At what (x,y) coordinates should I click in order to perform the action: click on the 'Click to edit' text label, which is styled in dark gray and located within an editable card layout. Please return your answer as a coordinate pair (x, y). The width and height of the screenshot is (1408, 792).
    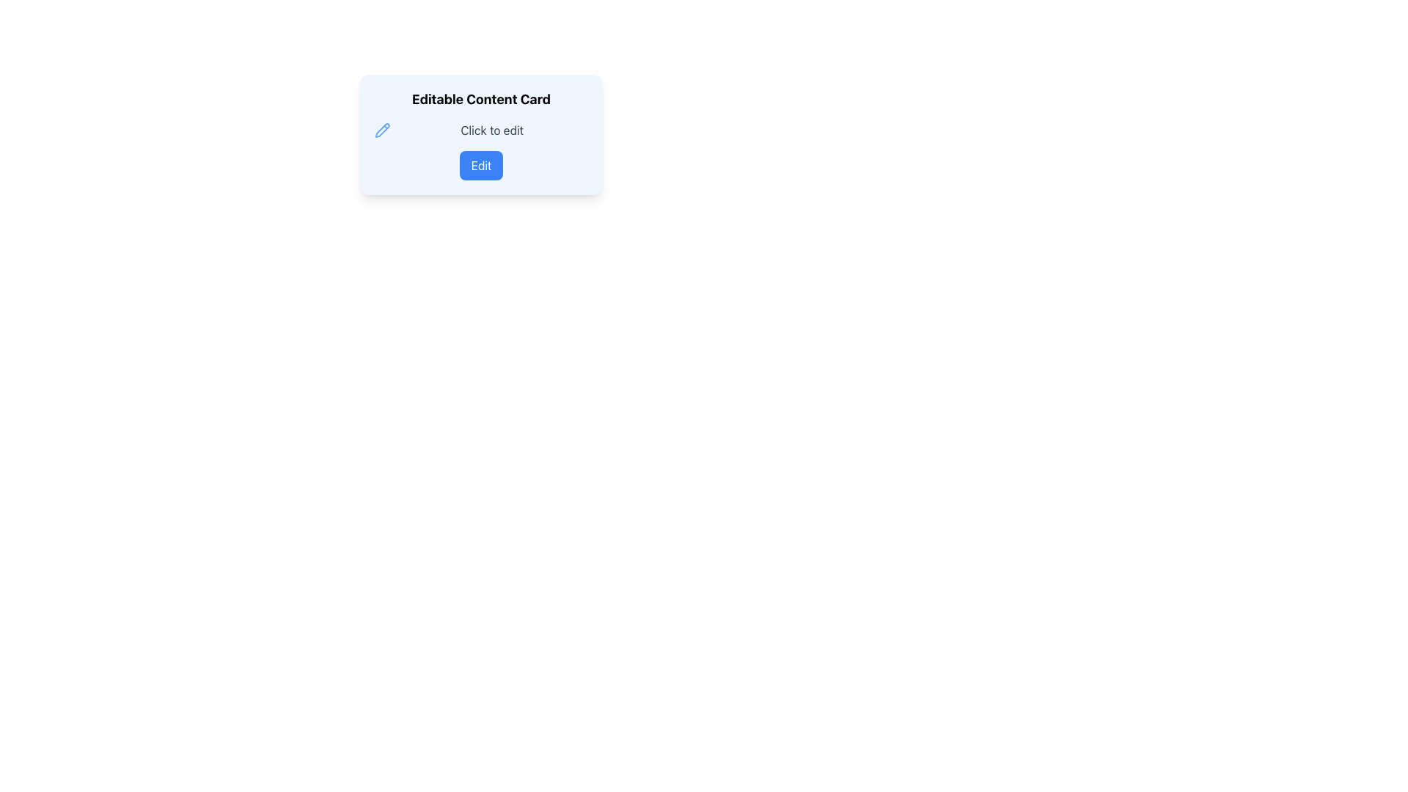
    Looking at the image, I should click on (492, 129).